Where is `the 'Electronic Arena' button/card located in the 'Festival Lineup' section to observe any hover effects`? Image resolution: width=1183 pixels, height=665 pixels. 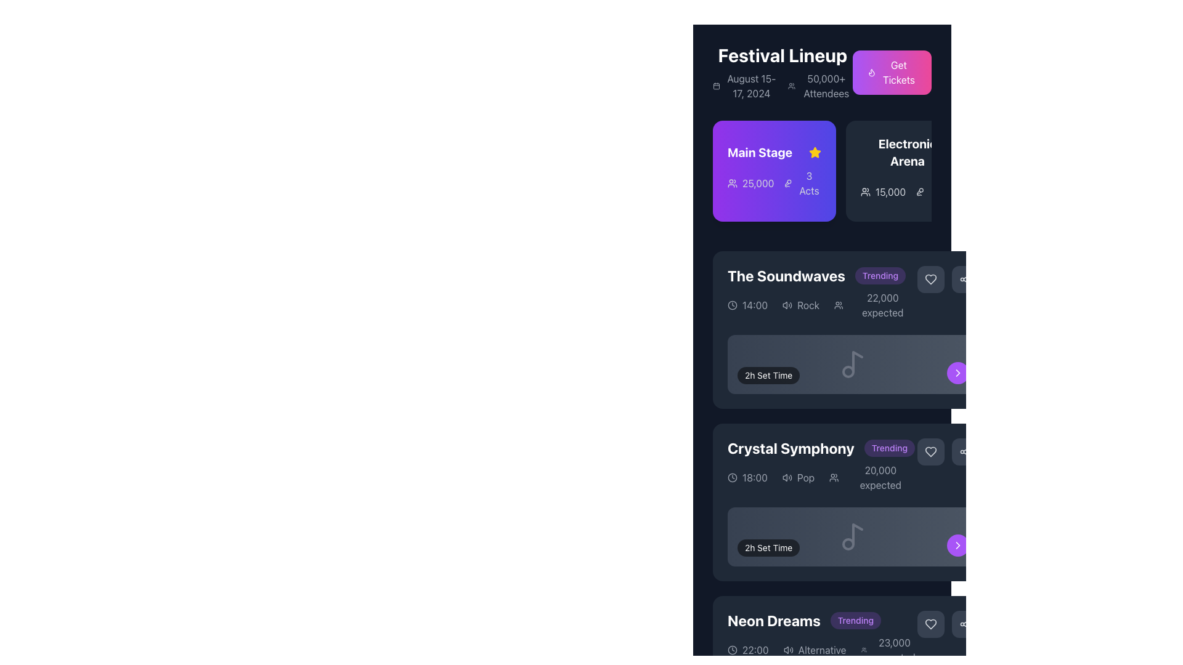 the 'Electronic Arena' button/card located in the 'Festival Lineup' section to observe any hover effects is located at coordinates (908, 171).